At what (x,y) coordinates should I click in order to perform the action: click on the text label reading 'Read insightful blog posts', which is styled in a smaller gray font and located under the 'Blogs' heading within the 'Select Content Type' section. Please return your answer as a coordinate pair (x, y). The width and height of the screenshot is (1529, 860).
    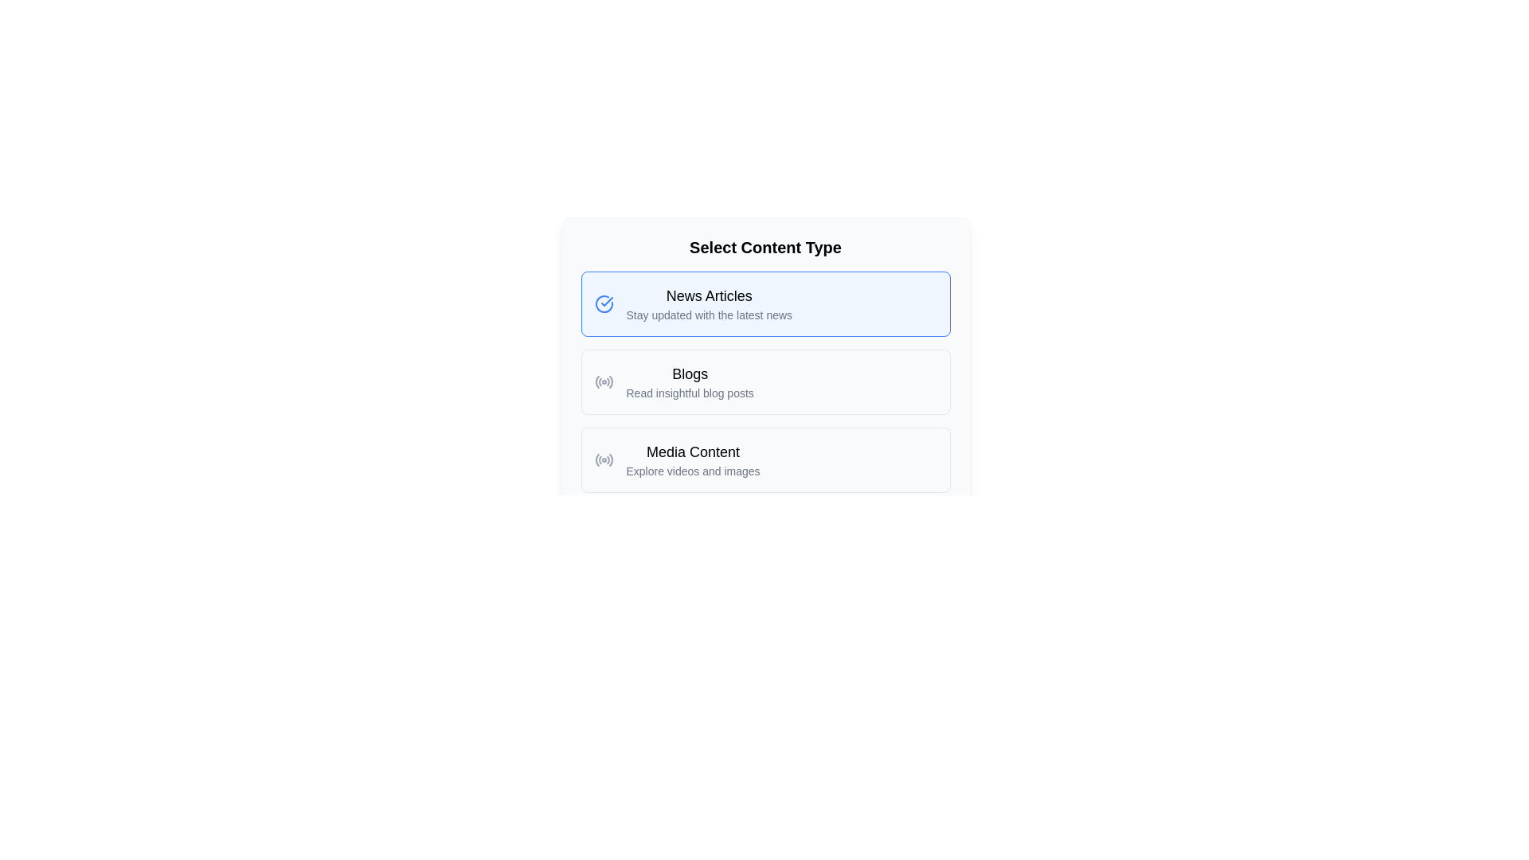
    Looking at the image, I should click on (690, 393).